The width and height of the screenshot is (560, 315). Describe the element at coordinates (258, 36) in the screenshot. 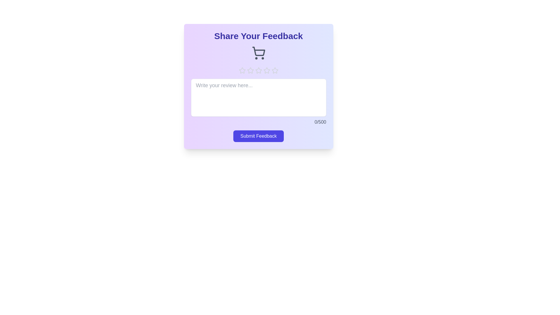

I see `the center of the 'Share Your Feedback' title to focus on it` at that location.